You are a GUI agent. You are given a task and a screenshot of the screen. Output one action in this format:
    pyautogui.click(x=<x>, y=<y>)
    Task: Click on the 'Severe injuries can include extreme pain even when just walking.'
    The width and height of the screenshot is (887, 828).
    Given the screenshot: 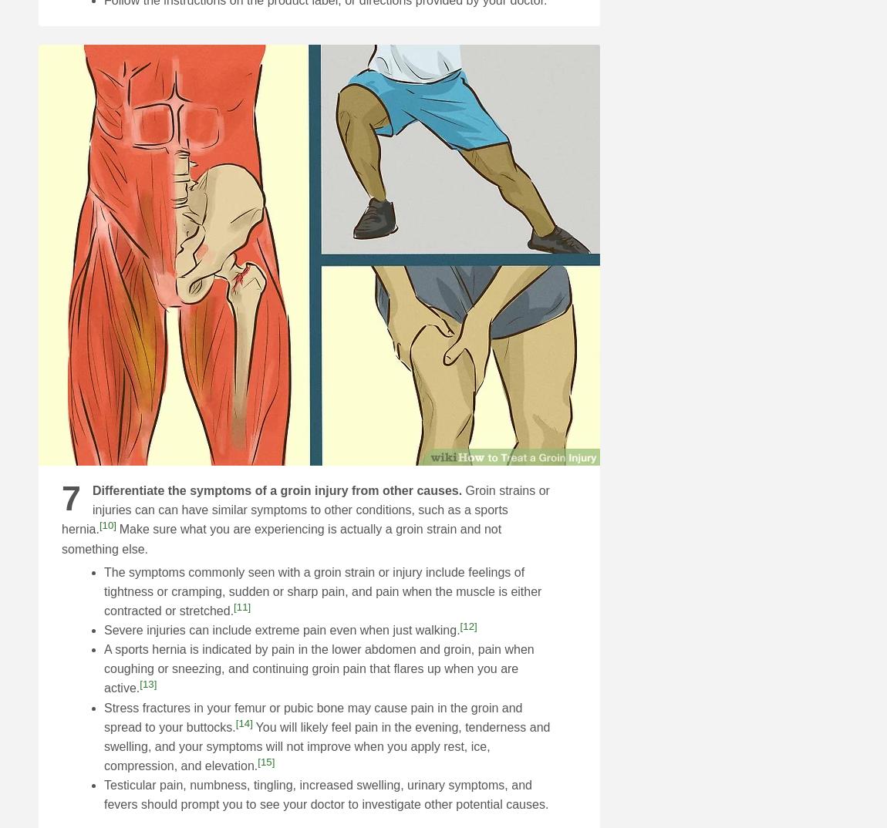 What is the action you would take?
    pyautogui.click(x=282, y=630)
    